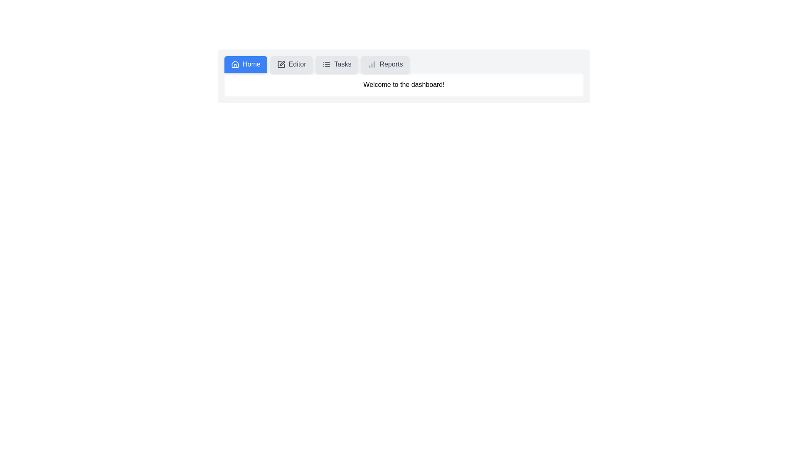  Describe the element at coordinates (337, 64) in the screenshot. I see `the Tasks tab to explore its hover effect` at that location.